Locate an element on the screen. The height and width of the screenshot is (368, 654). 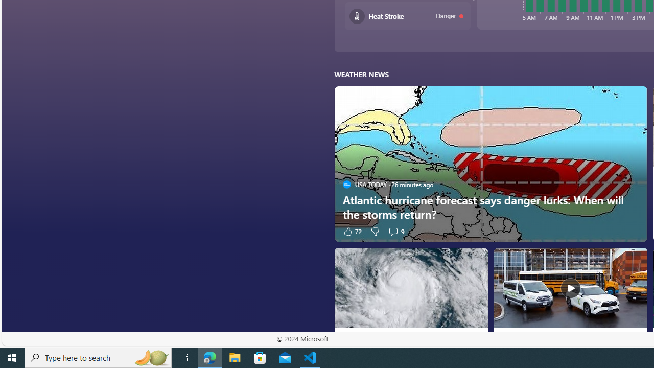
'Heat stroke Danger' is located at coordinates (407, 16).